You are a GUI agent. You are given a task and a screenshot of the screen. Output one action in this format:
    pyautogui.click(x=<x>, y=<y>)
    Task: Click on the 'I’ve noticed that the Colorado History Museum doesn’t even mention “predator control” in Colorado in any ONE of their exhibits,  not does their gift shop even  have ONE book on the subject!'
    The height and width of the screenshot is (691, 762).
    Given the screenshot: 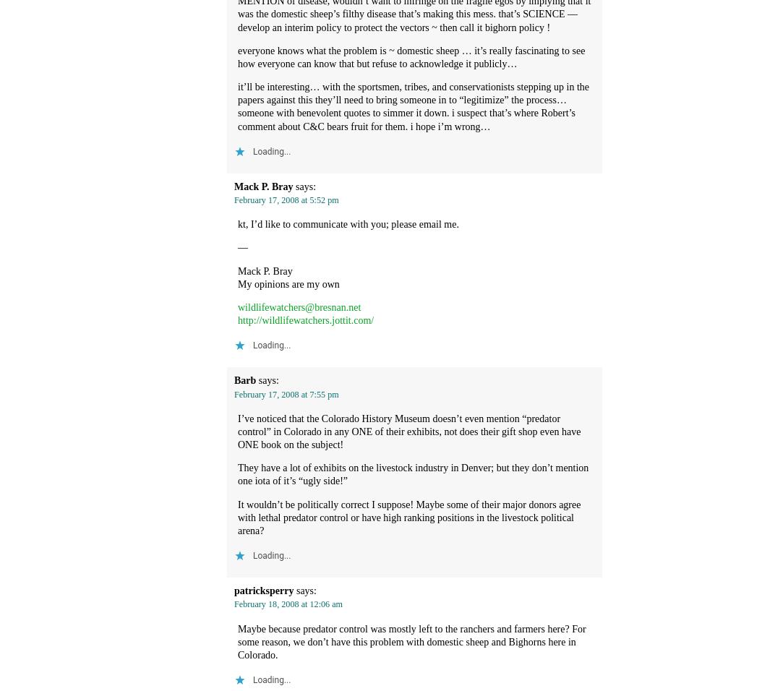 What is the action you would take?
    pyautogui.click(x=408, y=431)
    